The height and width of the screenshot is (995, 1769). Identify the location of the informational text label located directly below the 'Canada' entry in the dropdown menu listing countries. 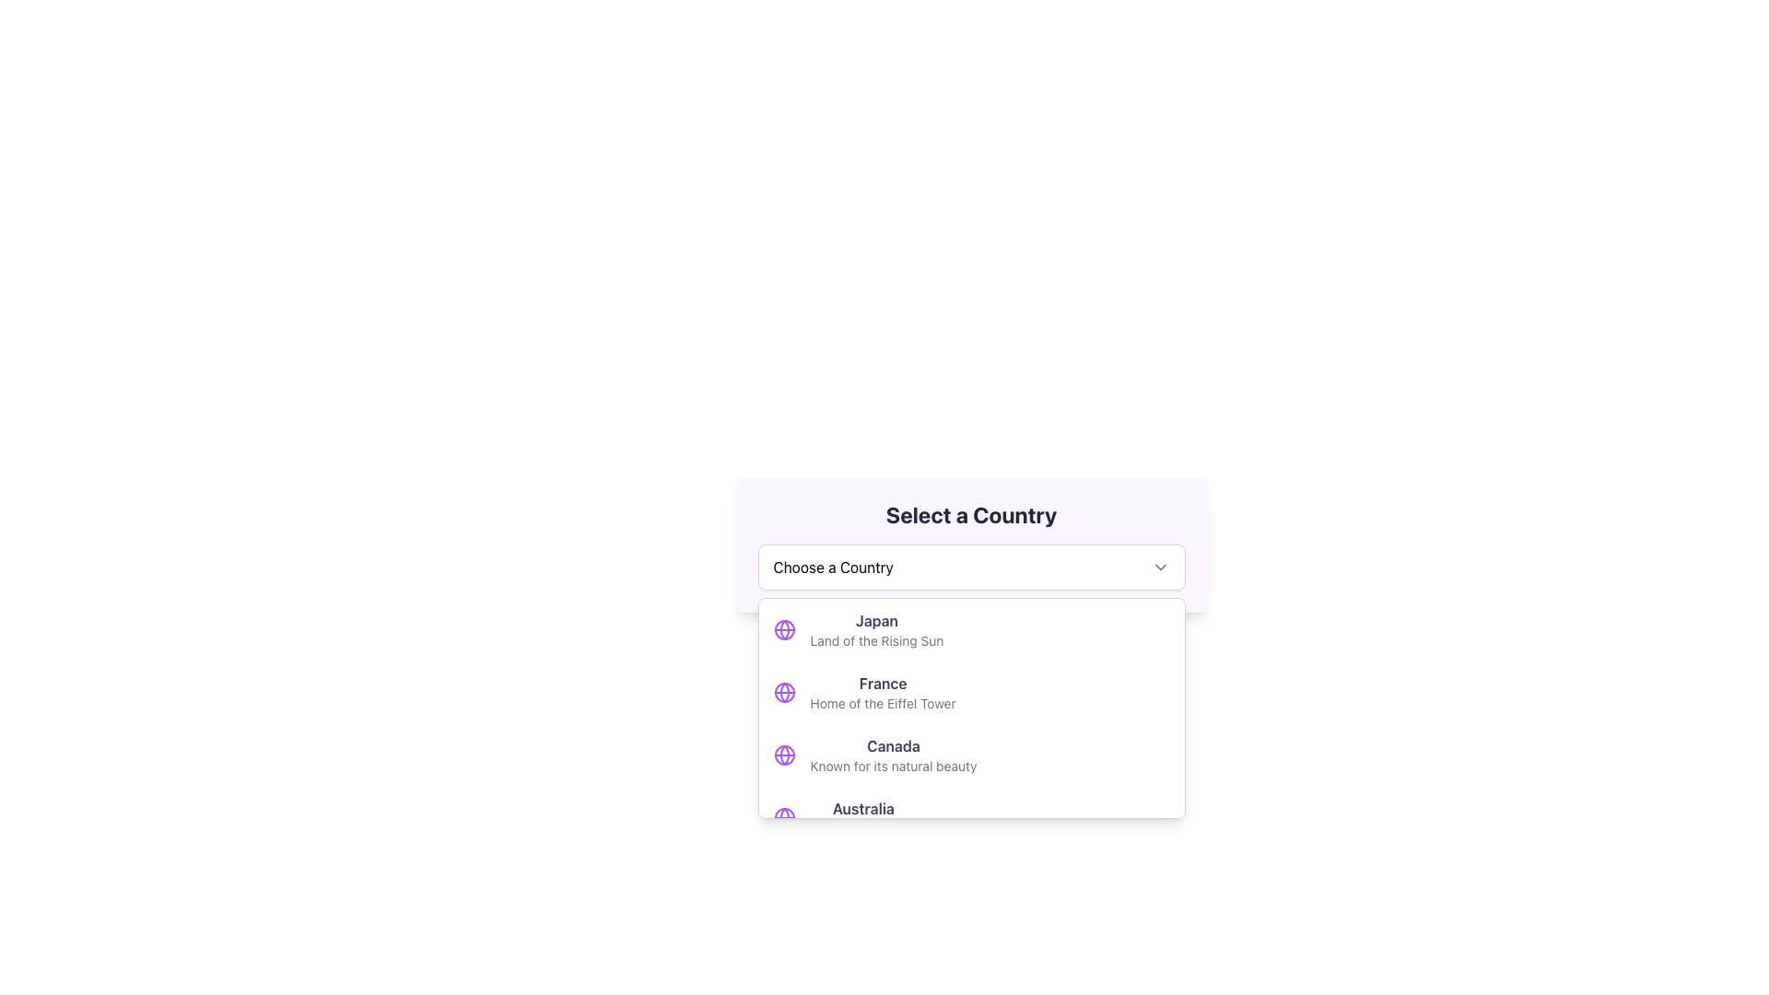
(893, 767).